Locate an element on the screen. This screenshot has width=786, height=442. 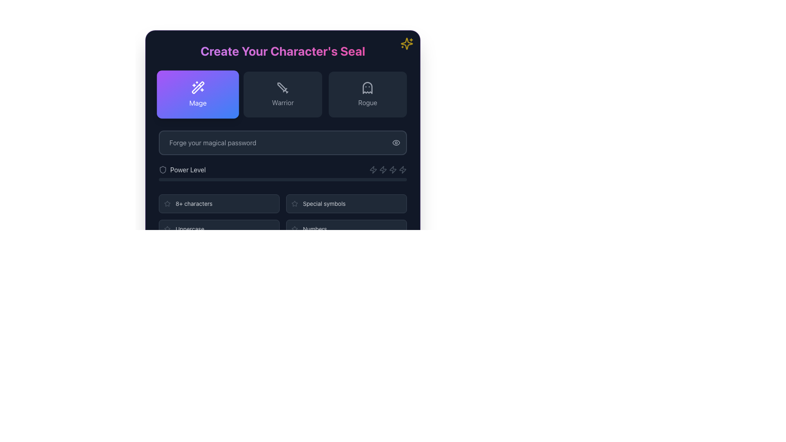
the power or lightning icon located in the bottom-right section of the interface, which is the third in a sequence of six similar icons is located at coordinates (383, 169).